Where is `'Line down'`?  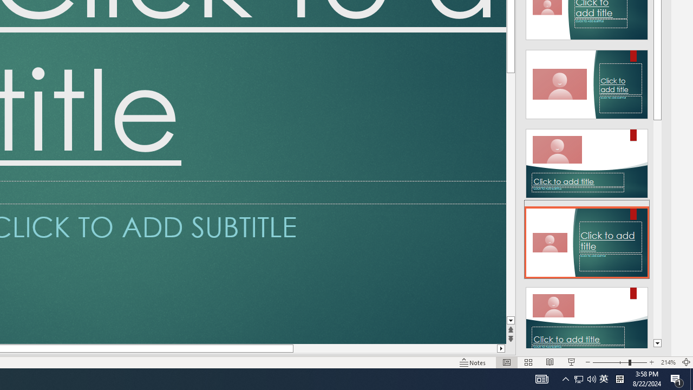 'Line down' is located at coordinates (510, 320).